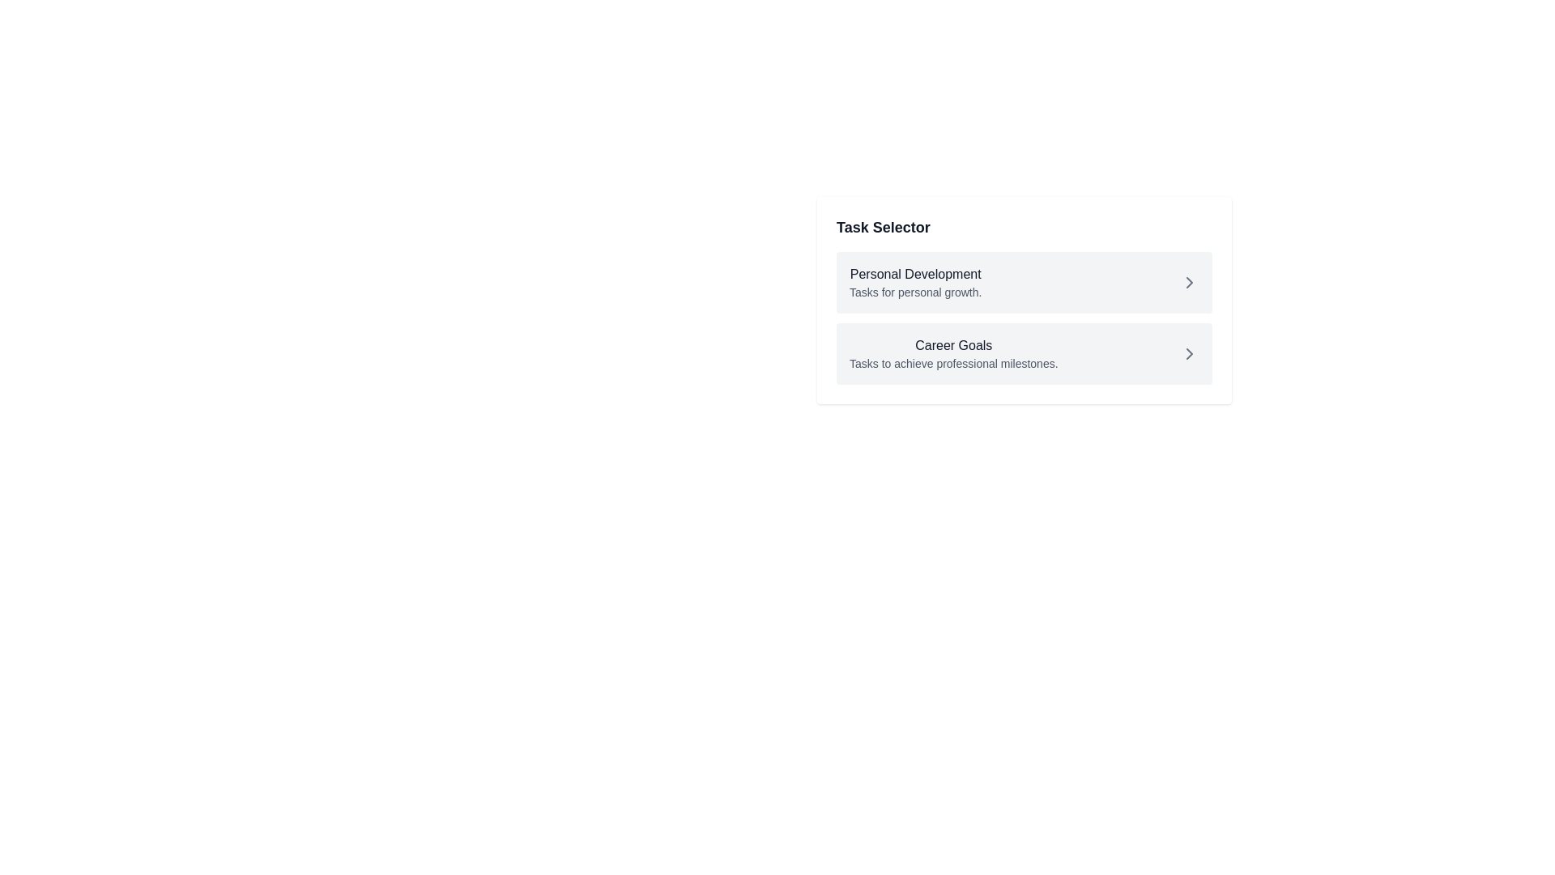 Image resolution: width=1555 pixels, height=875 pixels. Describe the element at coordinates (1189, 352) in the screenshot. I see `the gray chevron icon pointing to the right, located on the right edge of the 'Career Goals' list item in the 'Task Selector' section` at that location.